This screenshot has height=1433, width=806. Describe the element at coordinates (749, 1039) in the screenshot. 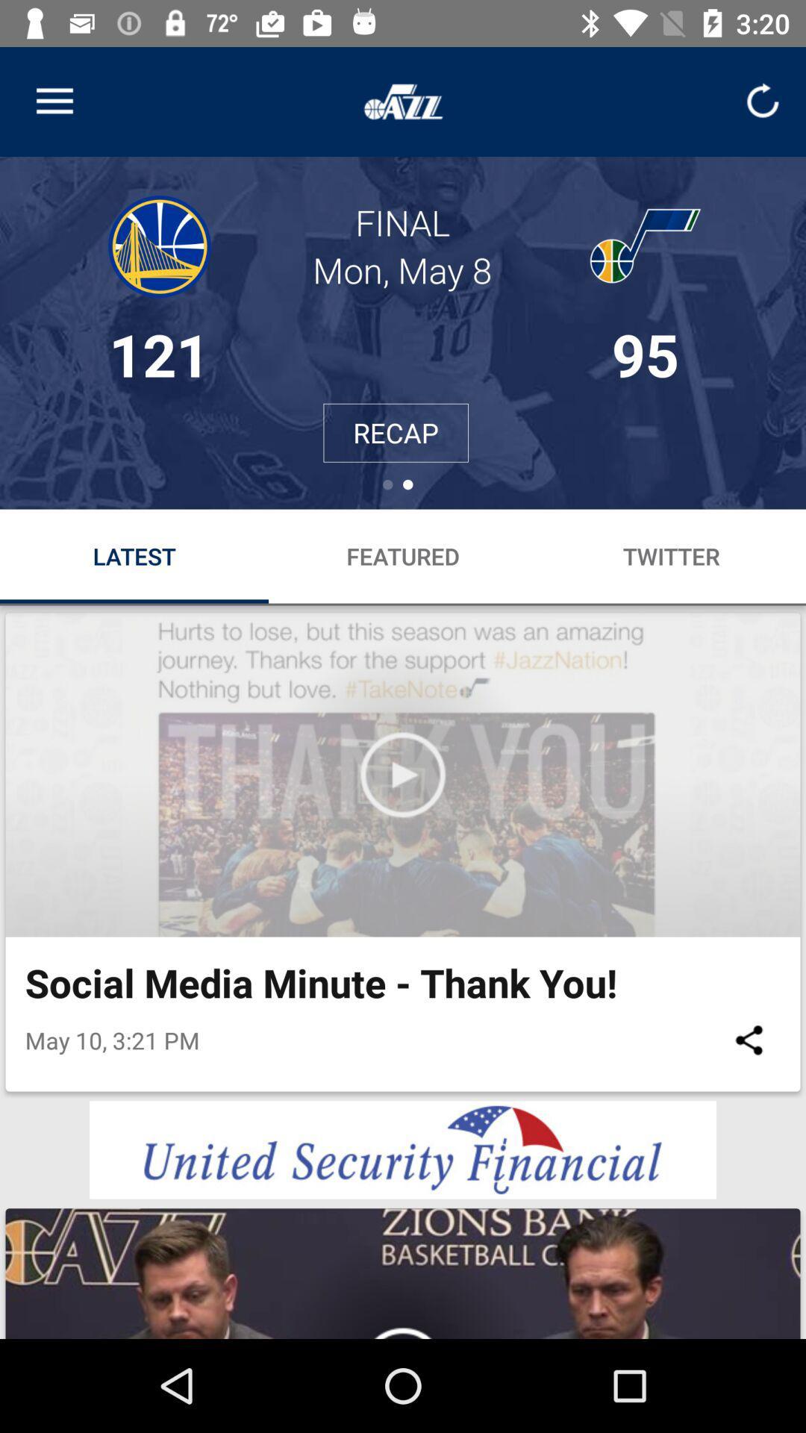

I see `the share icon` at that location.